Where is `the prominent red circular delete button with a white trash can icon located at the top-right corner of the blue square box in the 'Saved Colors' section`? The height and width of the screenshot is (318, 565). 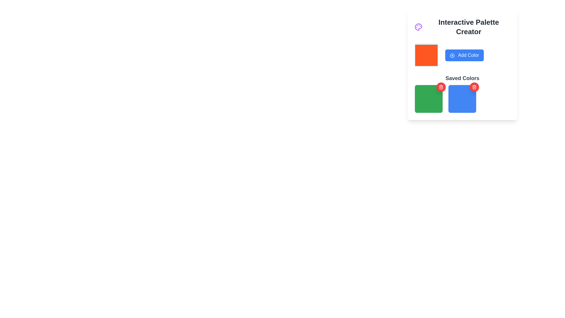
the prominent red circular delete button with a white trash can icon located at the top-right corner of the blue square box in the 'Saved Colors' section is located at coordinates (474, 87).